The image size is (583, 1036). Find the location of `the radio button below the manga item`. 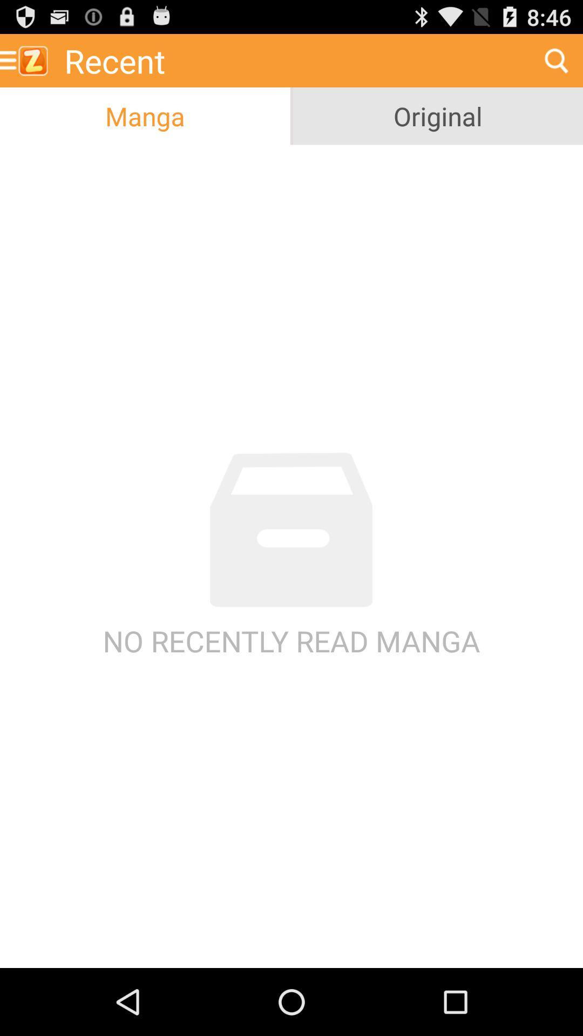

the radio button below the manga item is located at coordinates (291, 556).